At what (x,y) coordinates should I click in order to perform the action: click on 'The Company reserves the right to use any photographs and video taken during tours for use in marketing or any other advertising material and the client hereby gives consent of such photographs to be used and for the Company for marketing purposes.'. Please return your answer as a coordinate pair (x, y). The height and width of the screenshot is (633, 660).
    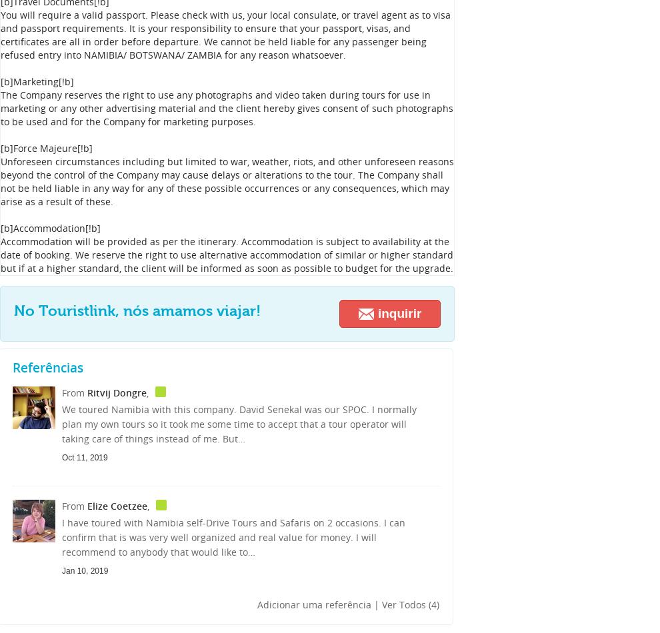
    Looking at the image, I should click on (0, 108).